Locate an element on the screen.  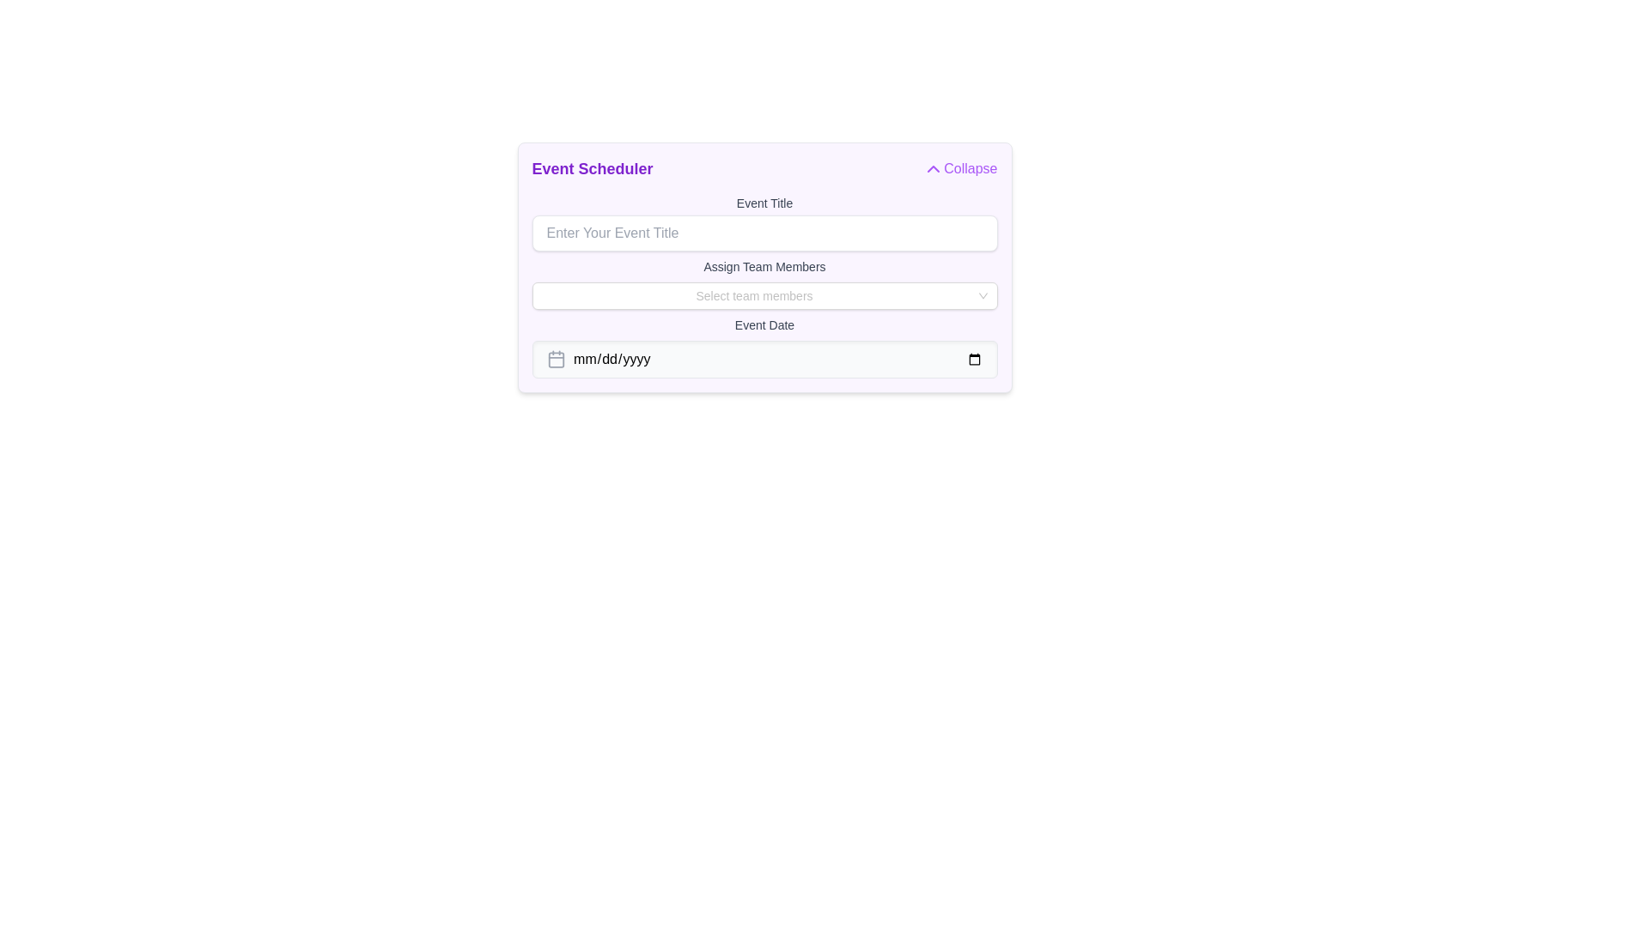
the upward chevron button with a purple outline located to the left of the 'Collapse' text in the 'Event Scheduler' section for accessibility navigation is located at coordinates (933, 168).